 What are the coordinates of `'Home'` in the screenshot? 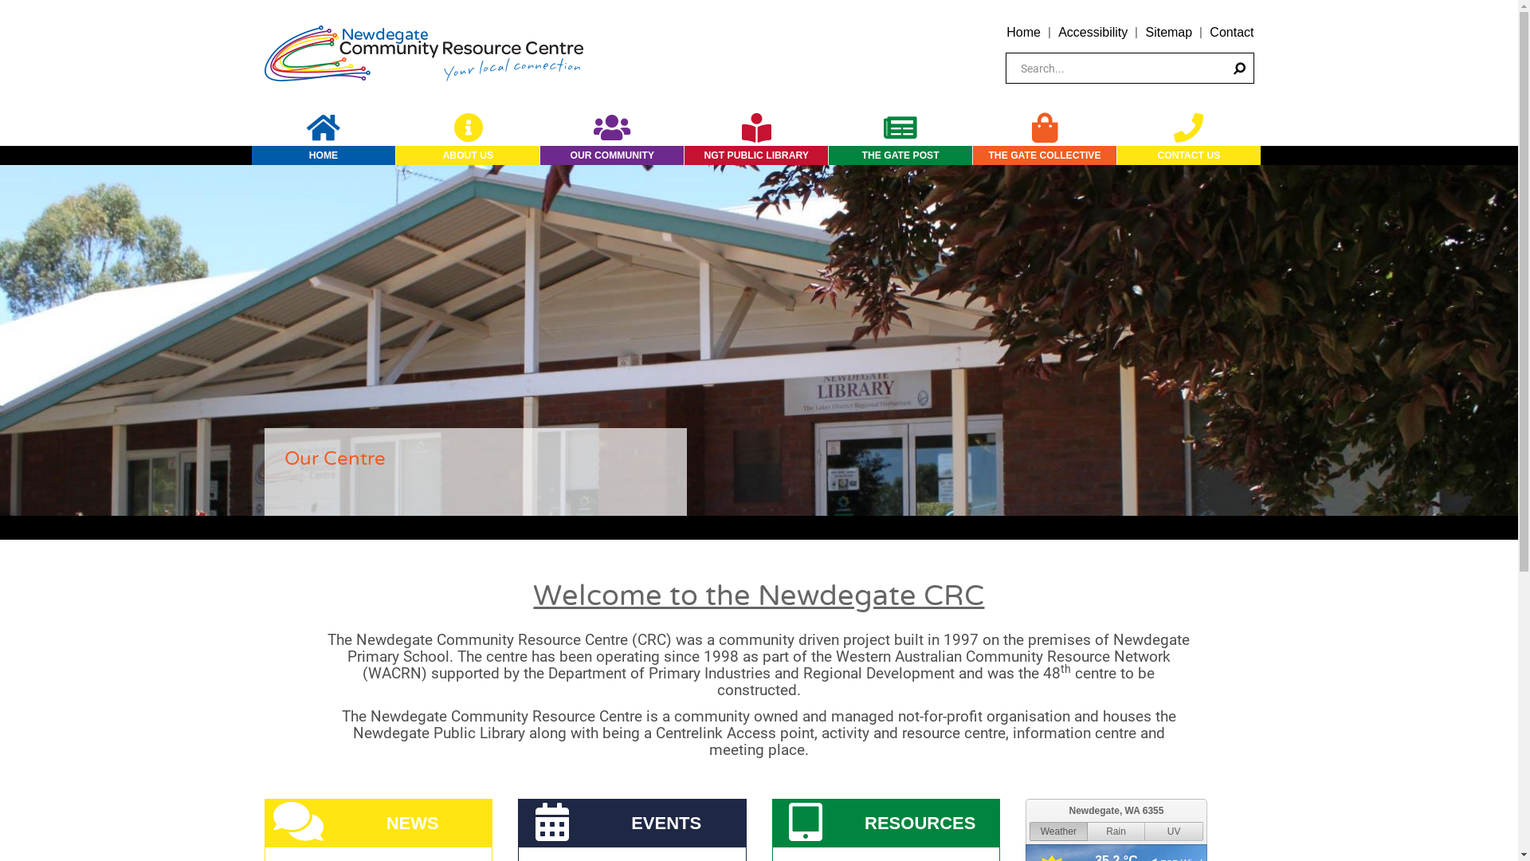 It's located at (1023, 32).